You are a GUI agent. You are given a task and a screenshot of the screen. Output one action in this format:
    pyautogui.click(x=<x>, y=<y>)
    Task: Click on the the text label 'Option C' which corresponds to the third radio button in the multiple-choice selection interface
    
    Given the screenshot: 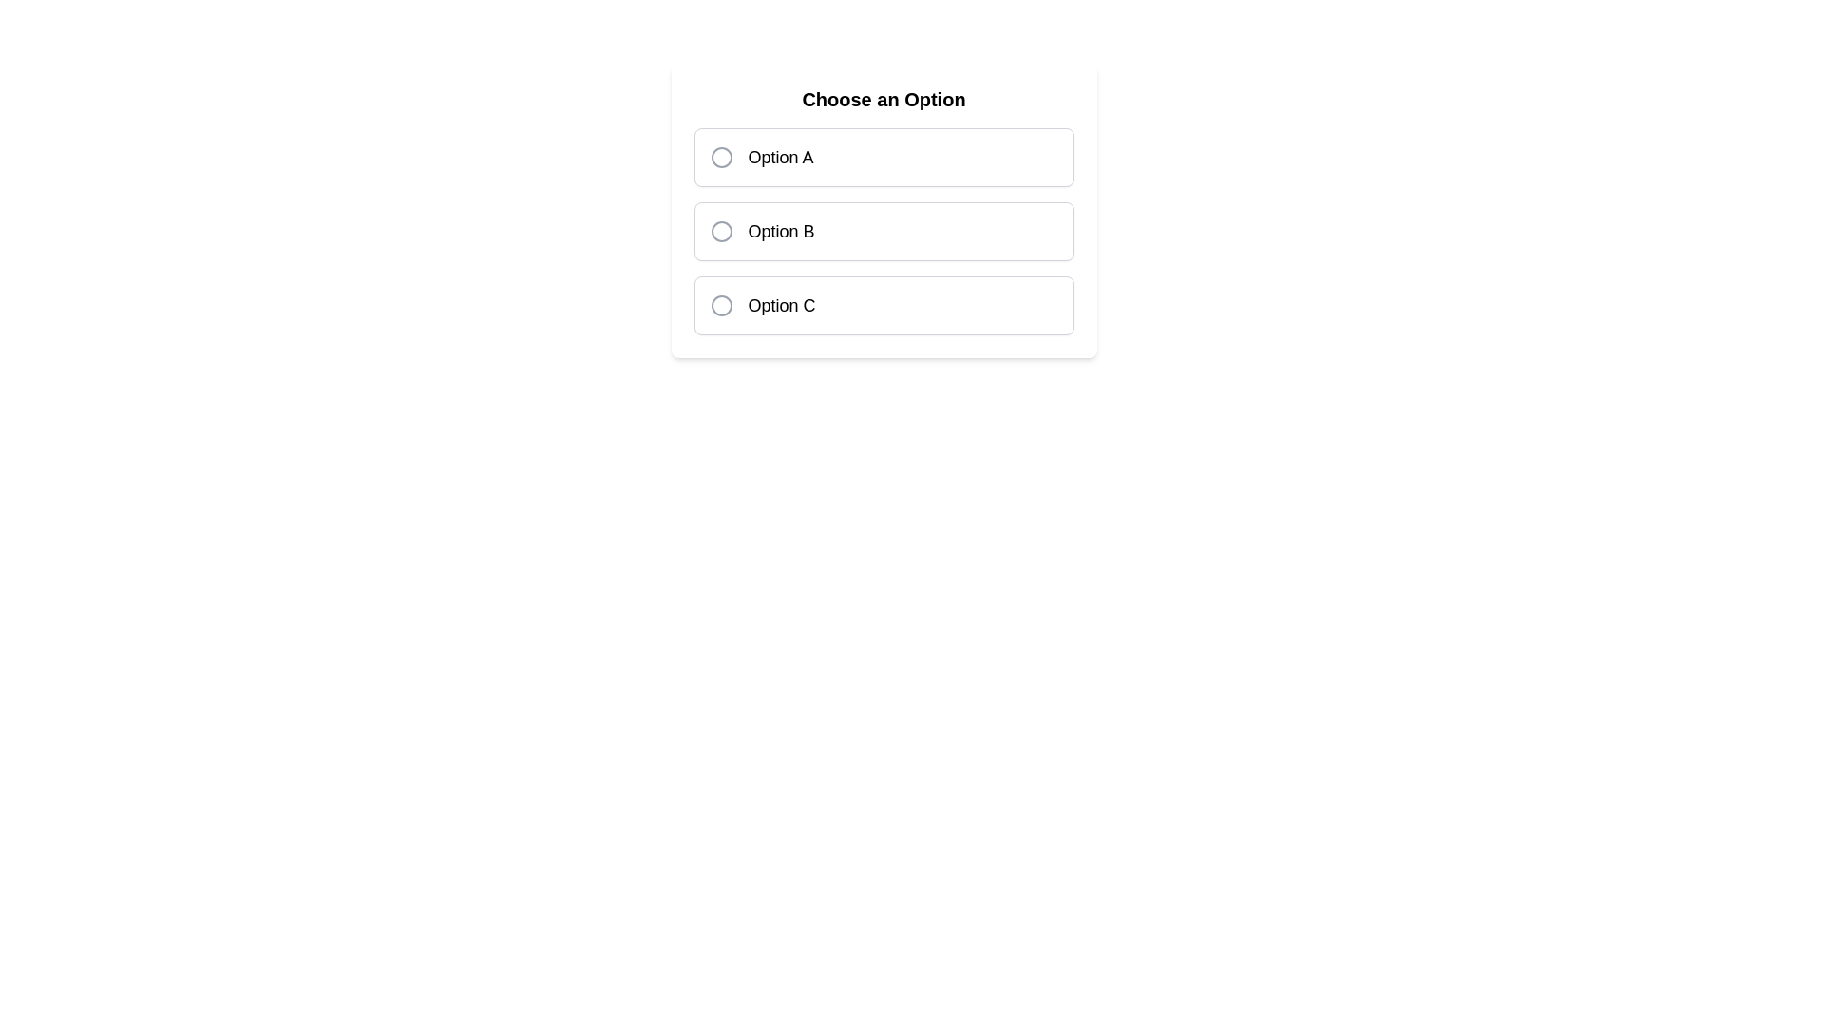 What is the action you would take?
    pyautogui.click(x=782, y=304)
    